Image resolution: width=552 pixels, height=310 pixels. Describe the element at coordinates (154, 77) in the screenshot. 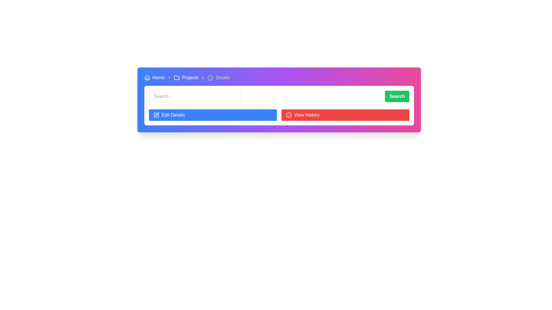

I see `the 'Home' text label in the breadcrumb navigation bar` at that location.